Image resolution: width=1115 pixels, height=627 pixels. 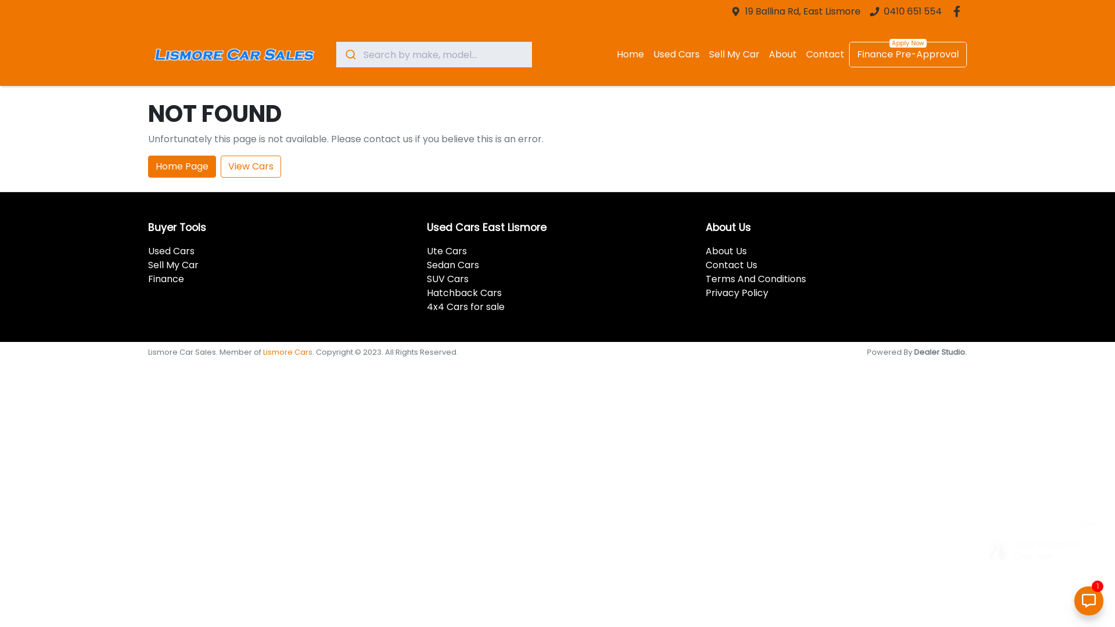 I want to click on 'Dealer Studio.', so click(x=940, y=351).